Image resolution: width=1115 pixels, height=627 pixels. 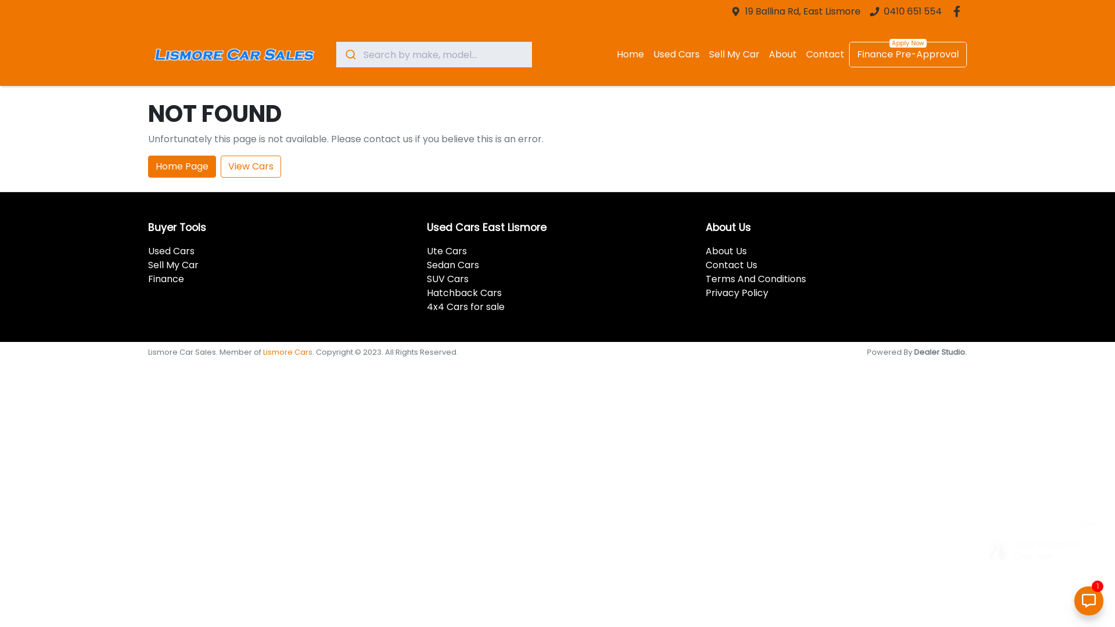 I want to click on 'Dealer Studio.', so click(x=940, y=351).